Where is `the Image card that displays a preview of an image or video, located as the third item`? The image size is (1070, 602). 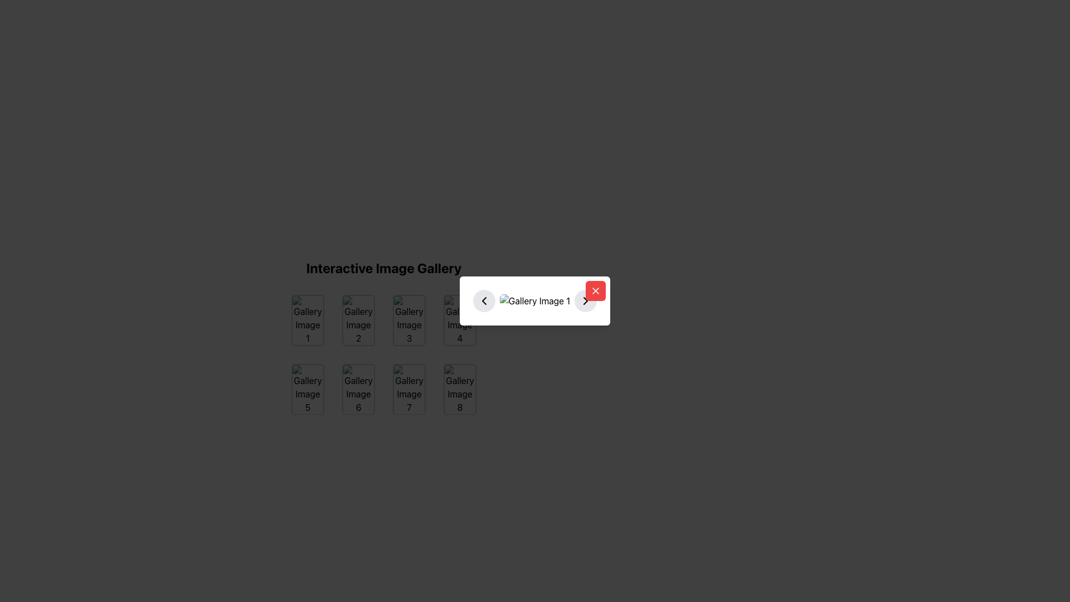
the Image card that displays a preview of an image or video, located as the third item is located at coordinates (408, 320).